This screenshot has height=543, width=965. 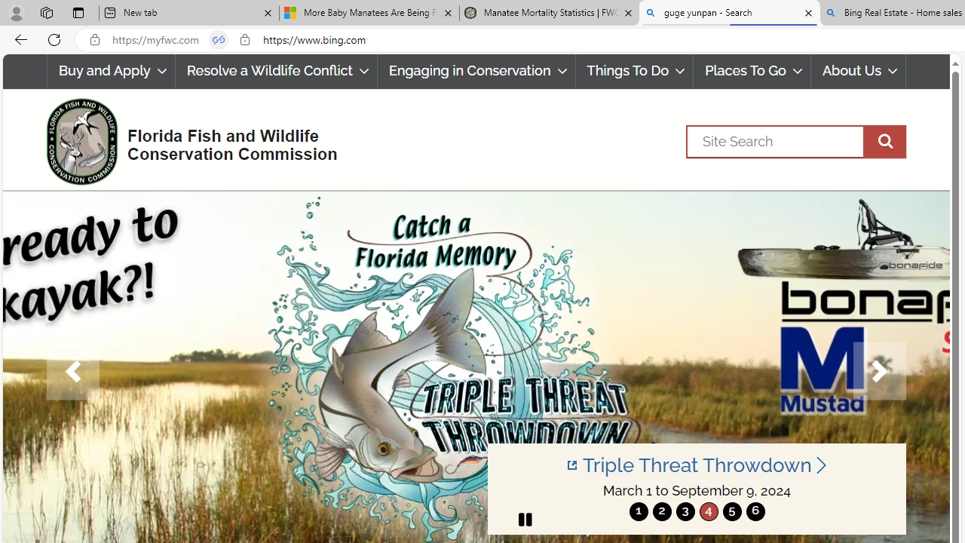 I want to click on 'Tabs in split screen', so click(x=217, y=39).